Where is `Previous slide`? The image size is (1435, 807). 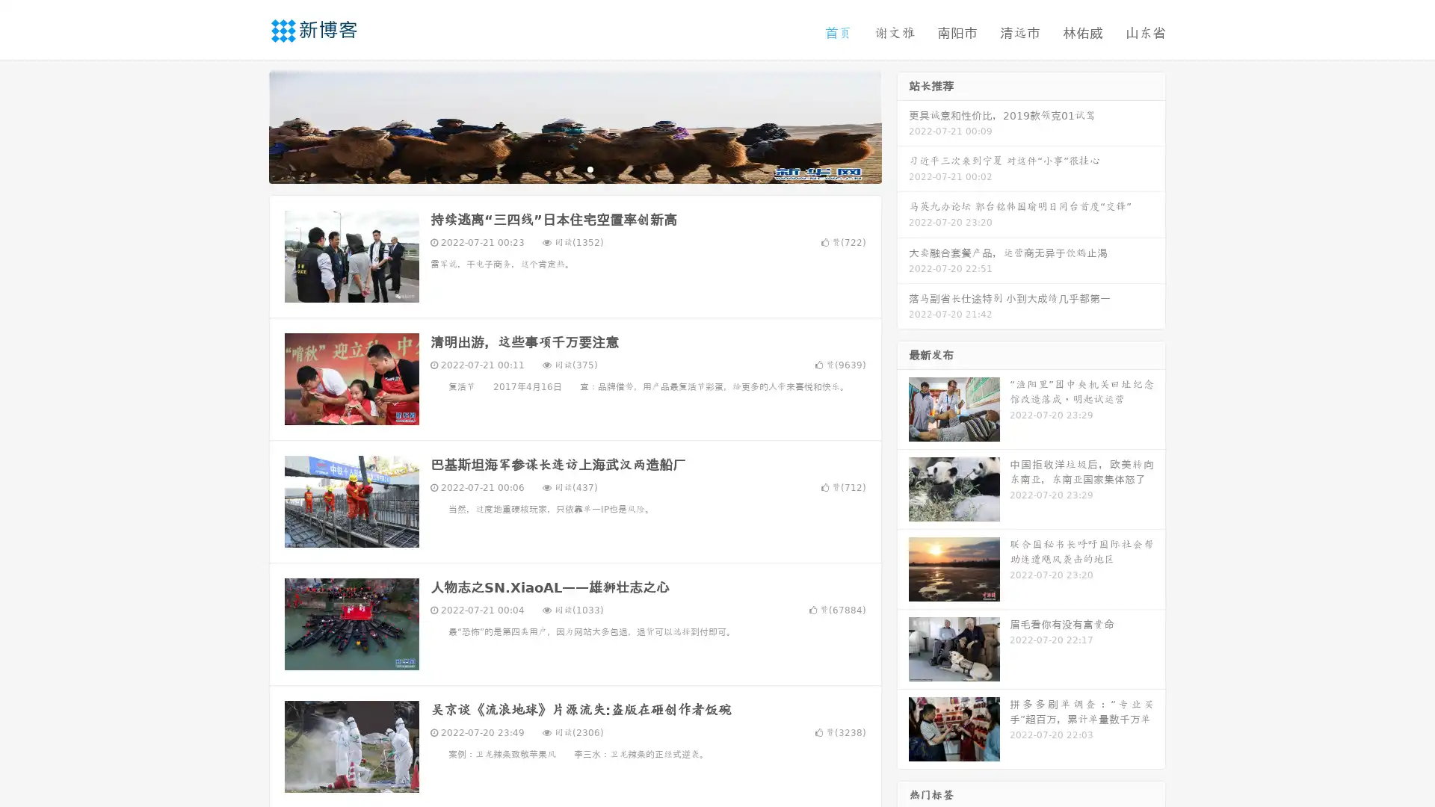 Previous slide is located at coordinates (247, 126).